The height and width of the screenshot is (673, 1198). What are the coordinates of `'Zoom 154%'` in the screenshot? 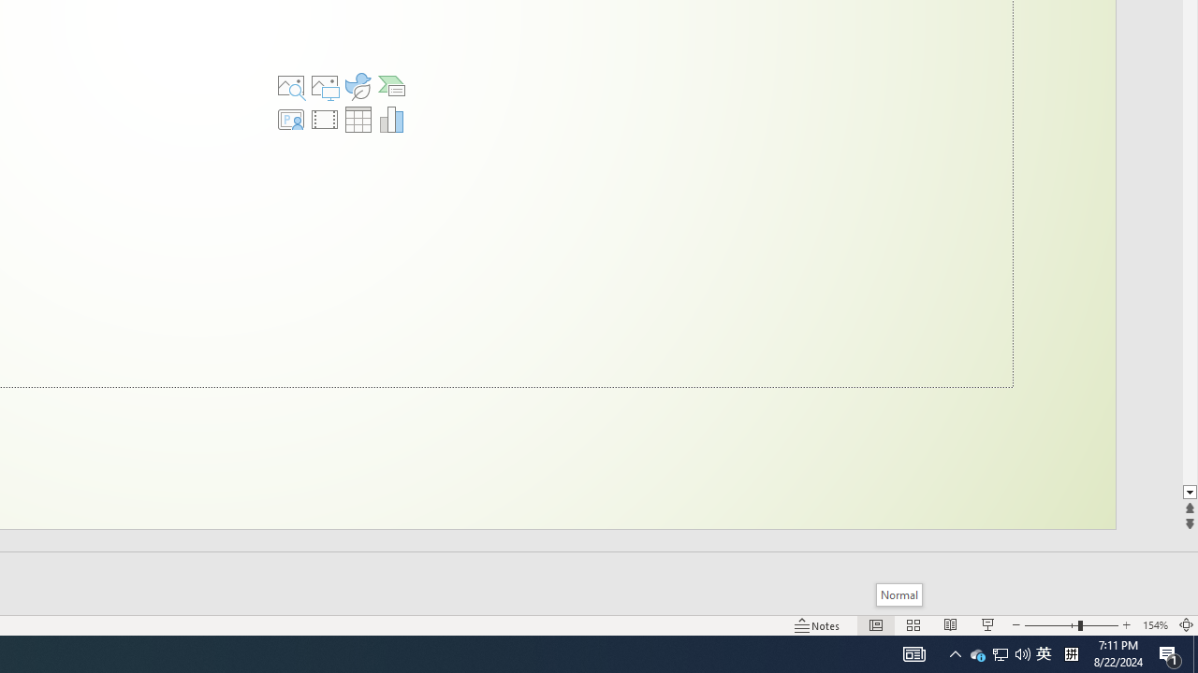 It's located at (1154, 625).